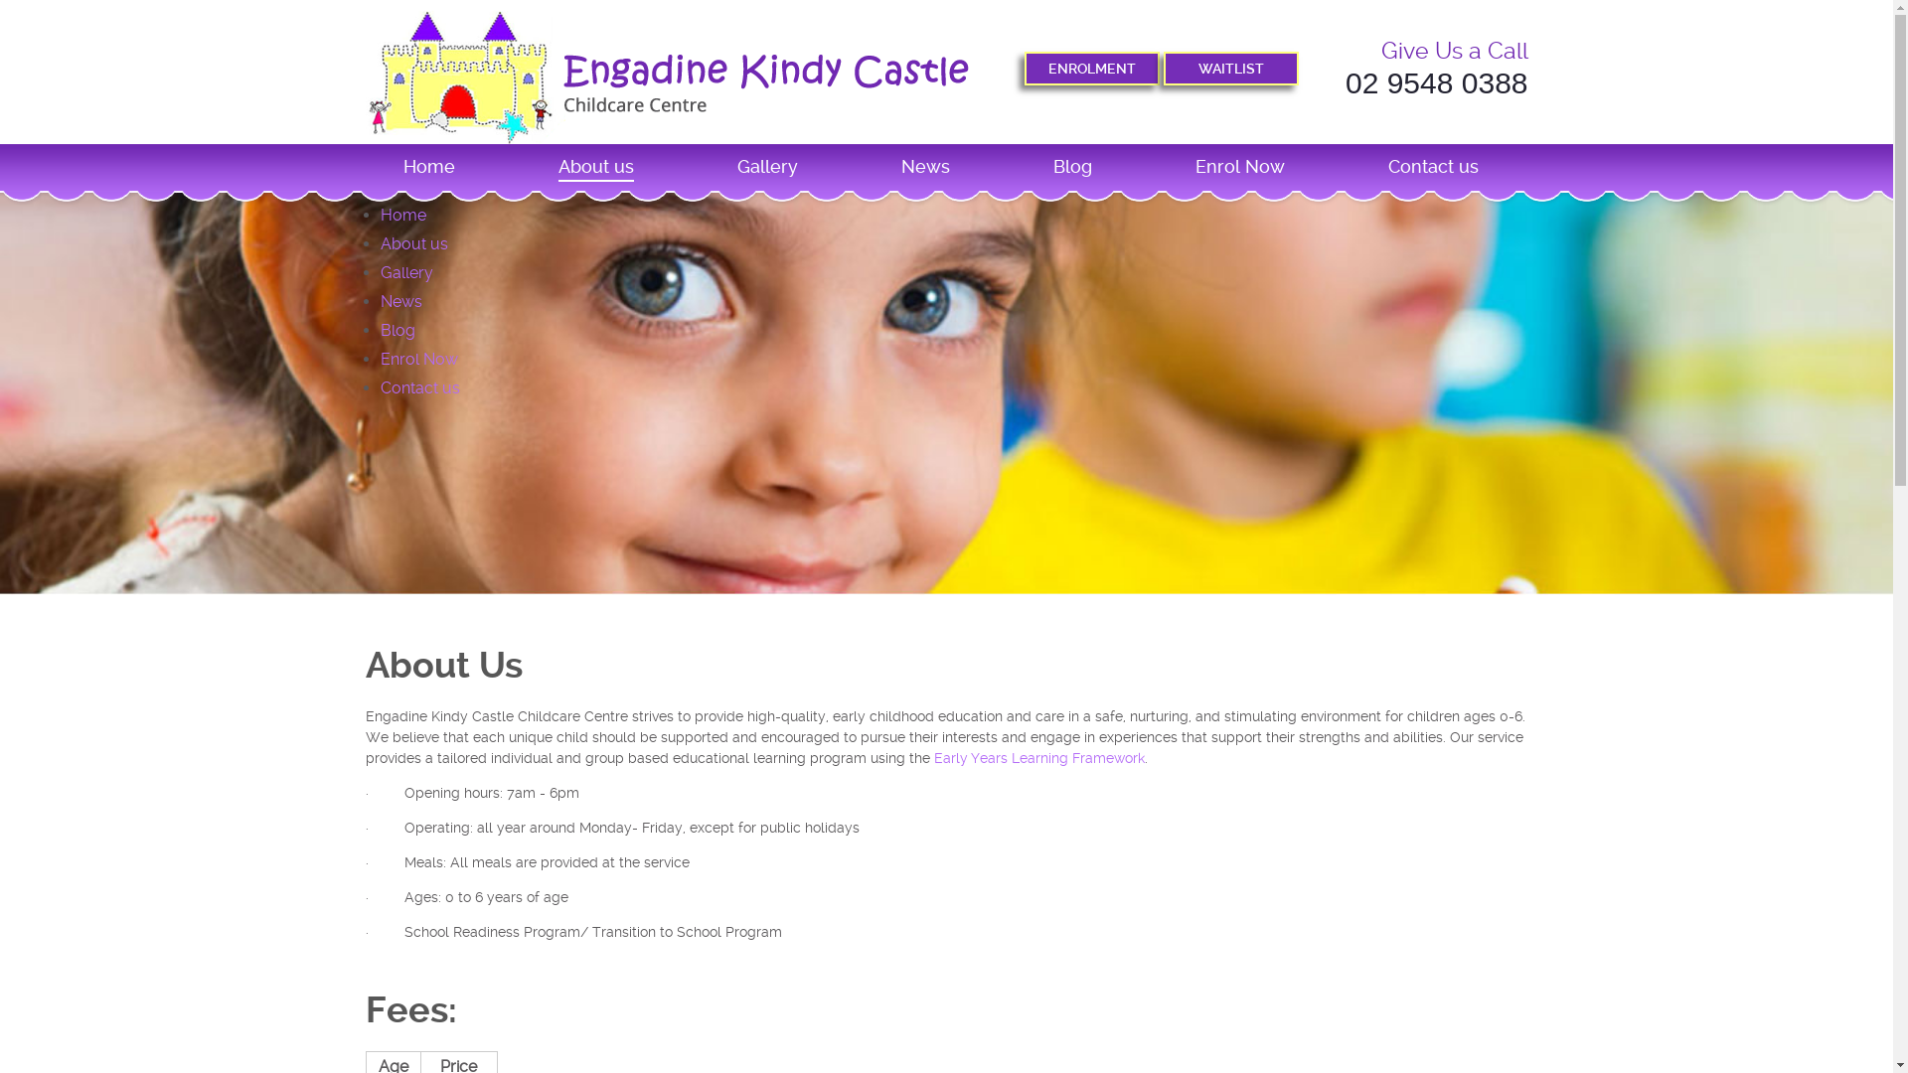 This screenshot has width=1908, height=1073. I want to click on 'Home', so click(400, 215).